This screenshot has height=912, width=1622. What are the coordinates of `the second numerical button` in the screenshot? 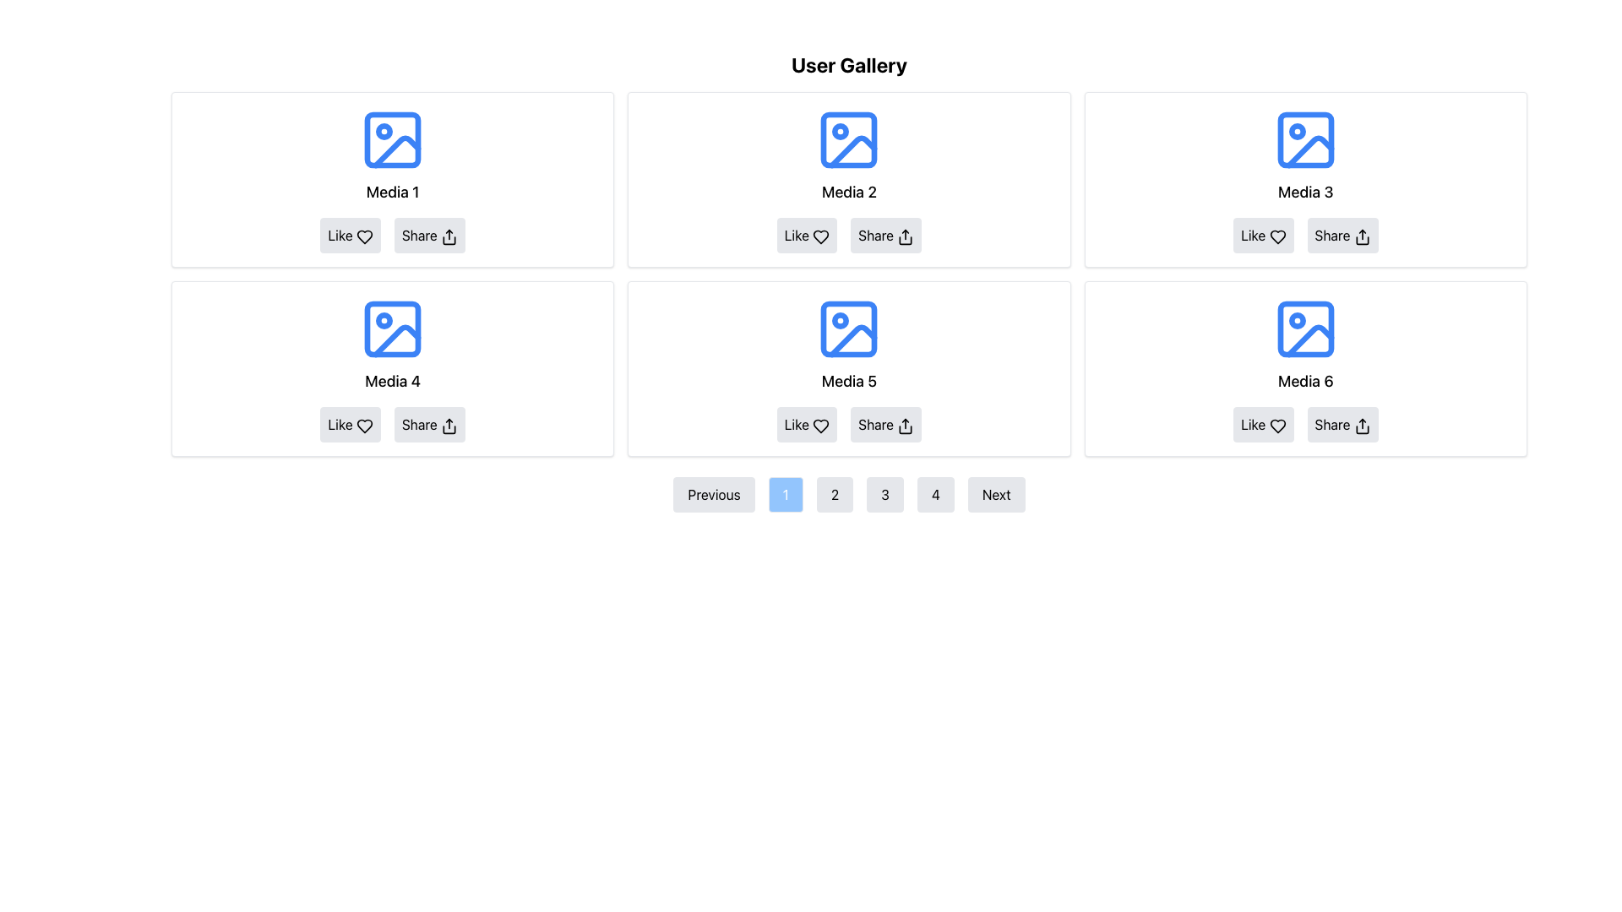 It's located at (849, 494).